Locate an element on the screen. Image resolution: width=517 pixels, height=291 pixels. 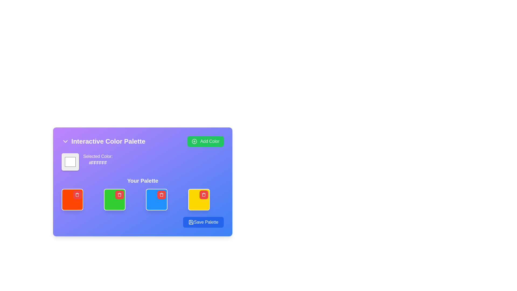
the delete icon overlaying the red rectangular button in 'Your Palette' is located at coordinates (203, 195).